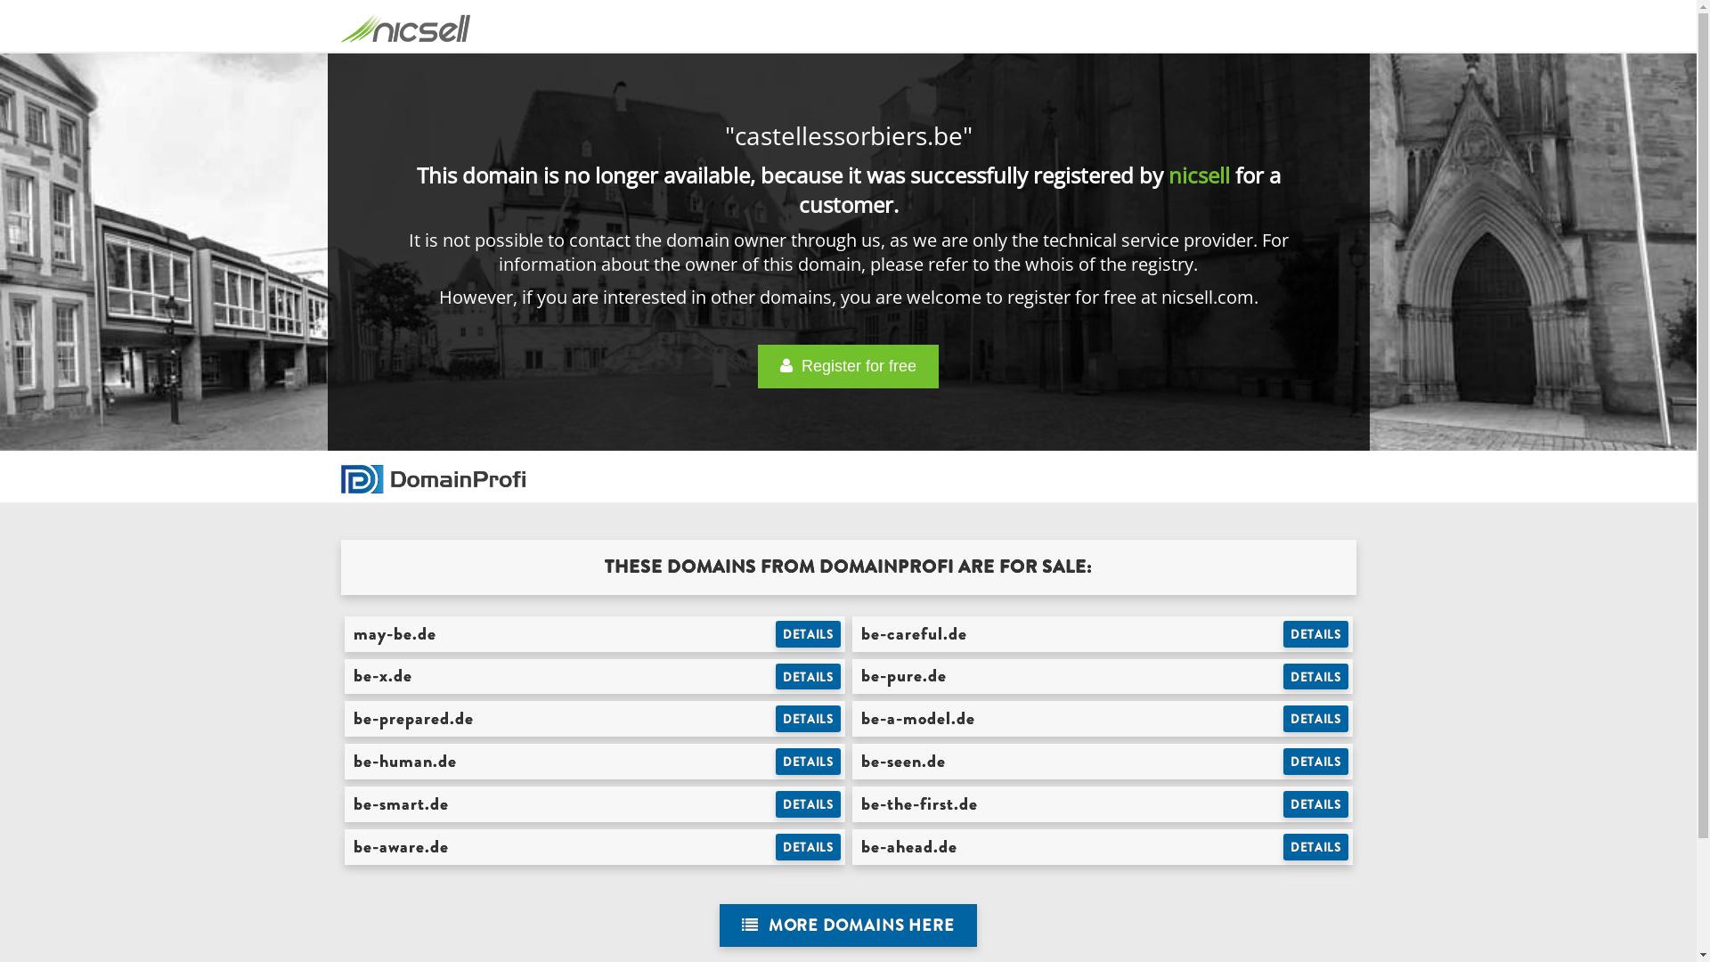  I want to click on '  MORE DOMAINS HERE', so click(847, 925).